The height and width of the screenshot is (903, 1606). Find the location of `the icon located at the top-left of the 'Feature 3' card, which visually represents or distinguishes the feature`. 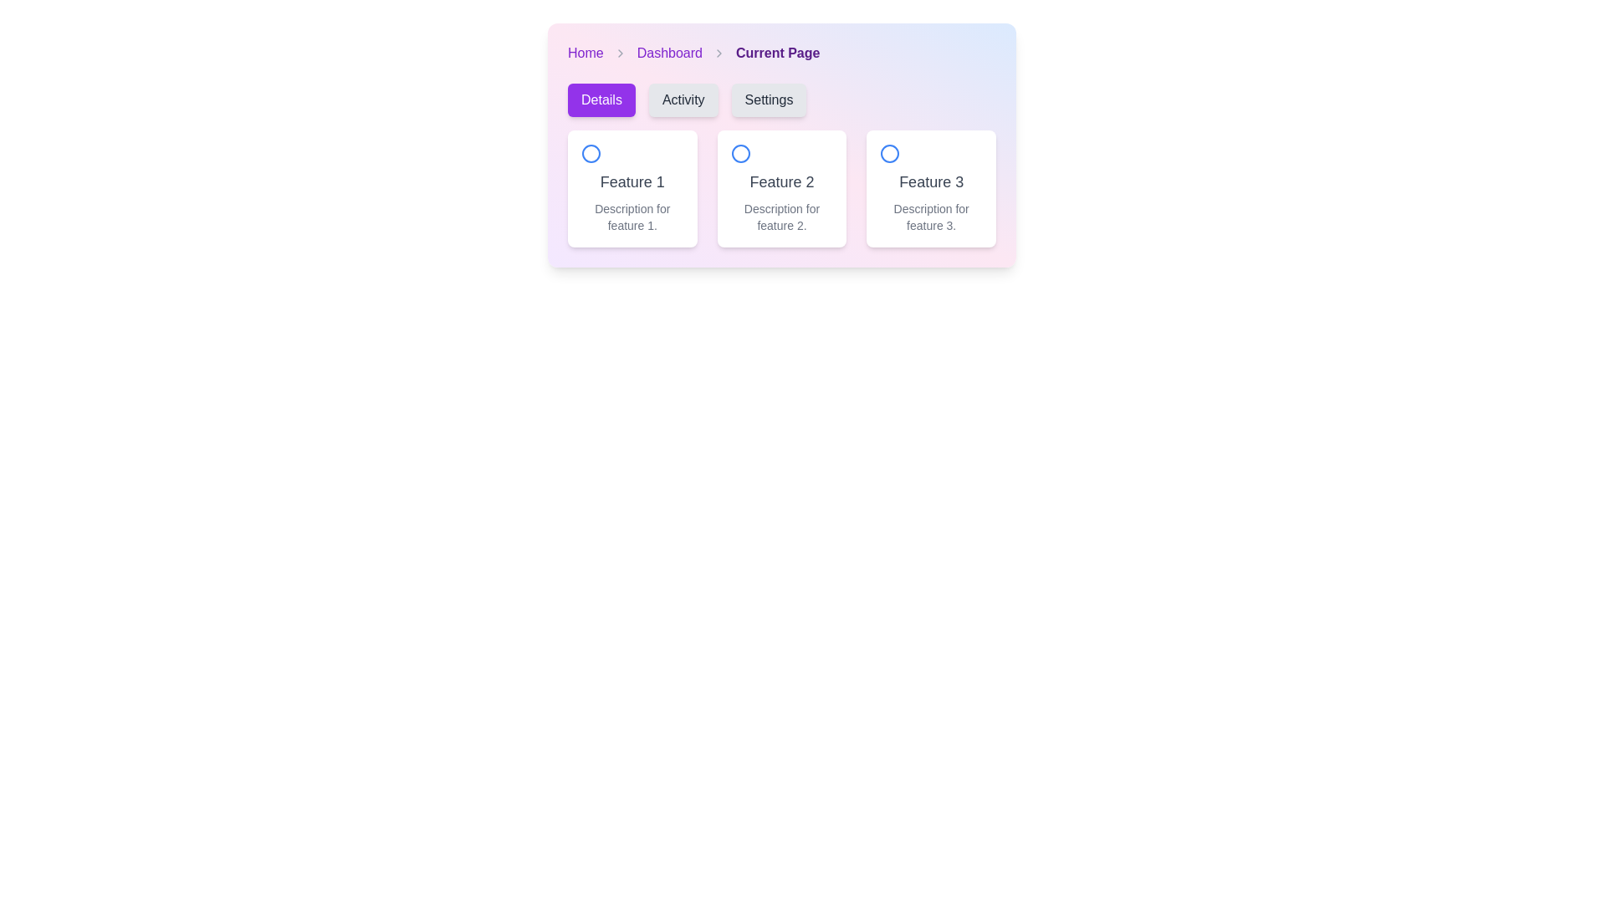

the icon located at the top-left of the 'Feature 3' card, which visually represents or distinguishes the feature is located at coordinates (889, 154).